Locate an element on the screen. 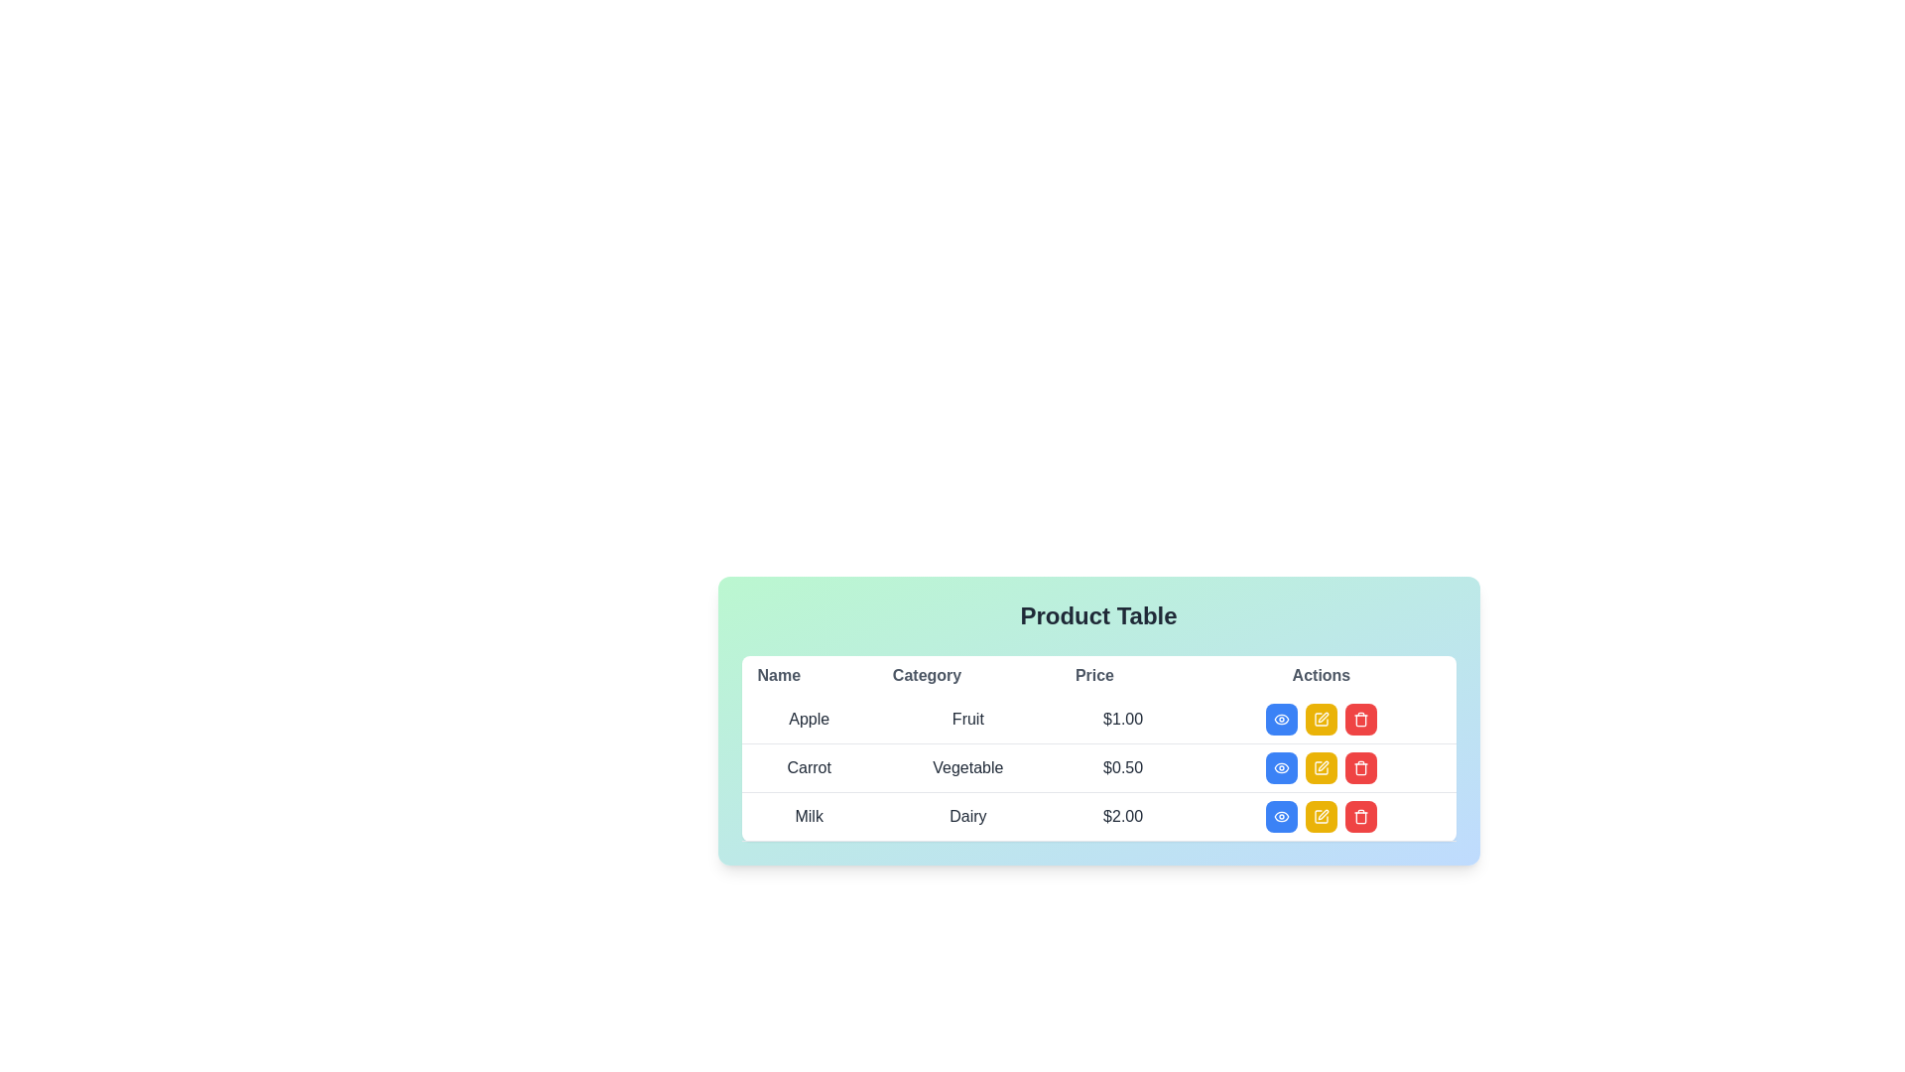 The width and height of the screenshot is (1905, 1072). the blue button with a white eye icon located in the 'Actions' column of the table, in the second row corresponding to the 'Vegetable' category is located at coordinates (1281, 767).